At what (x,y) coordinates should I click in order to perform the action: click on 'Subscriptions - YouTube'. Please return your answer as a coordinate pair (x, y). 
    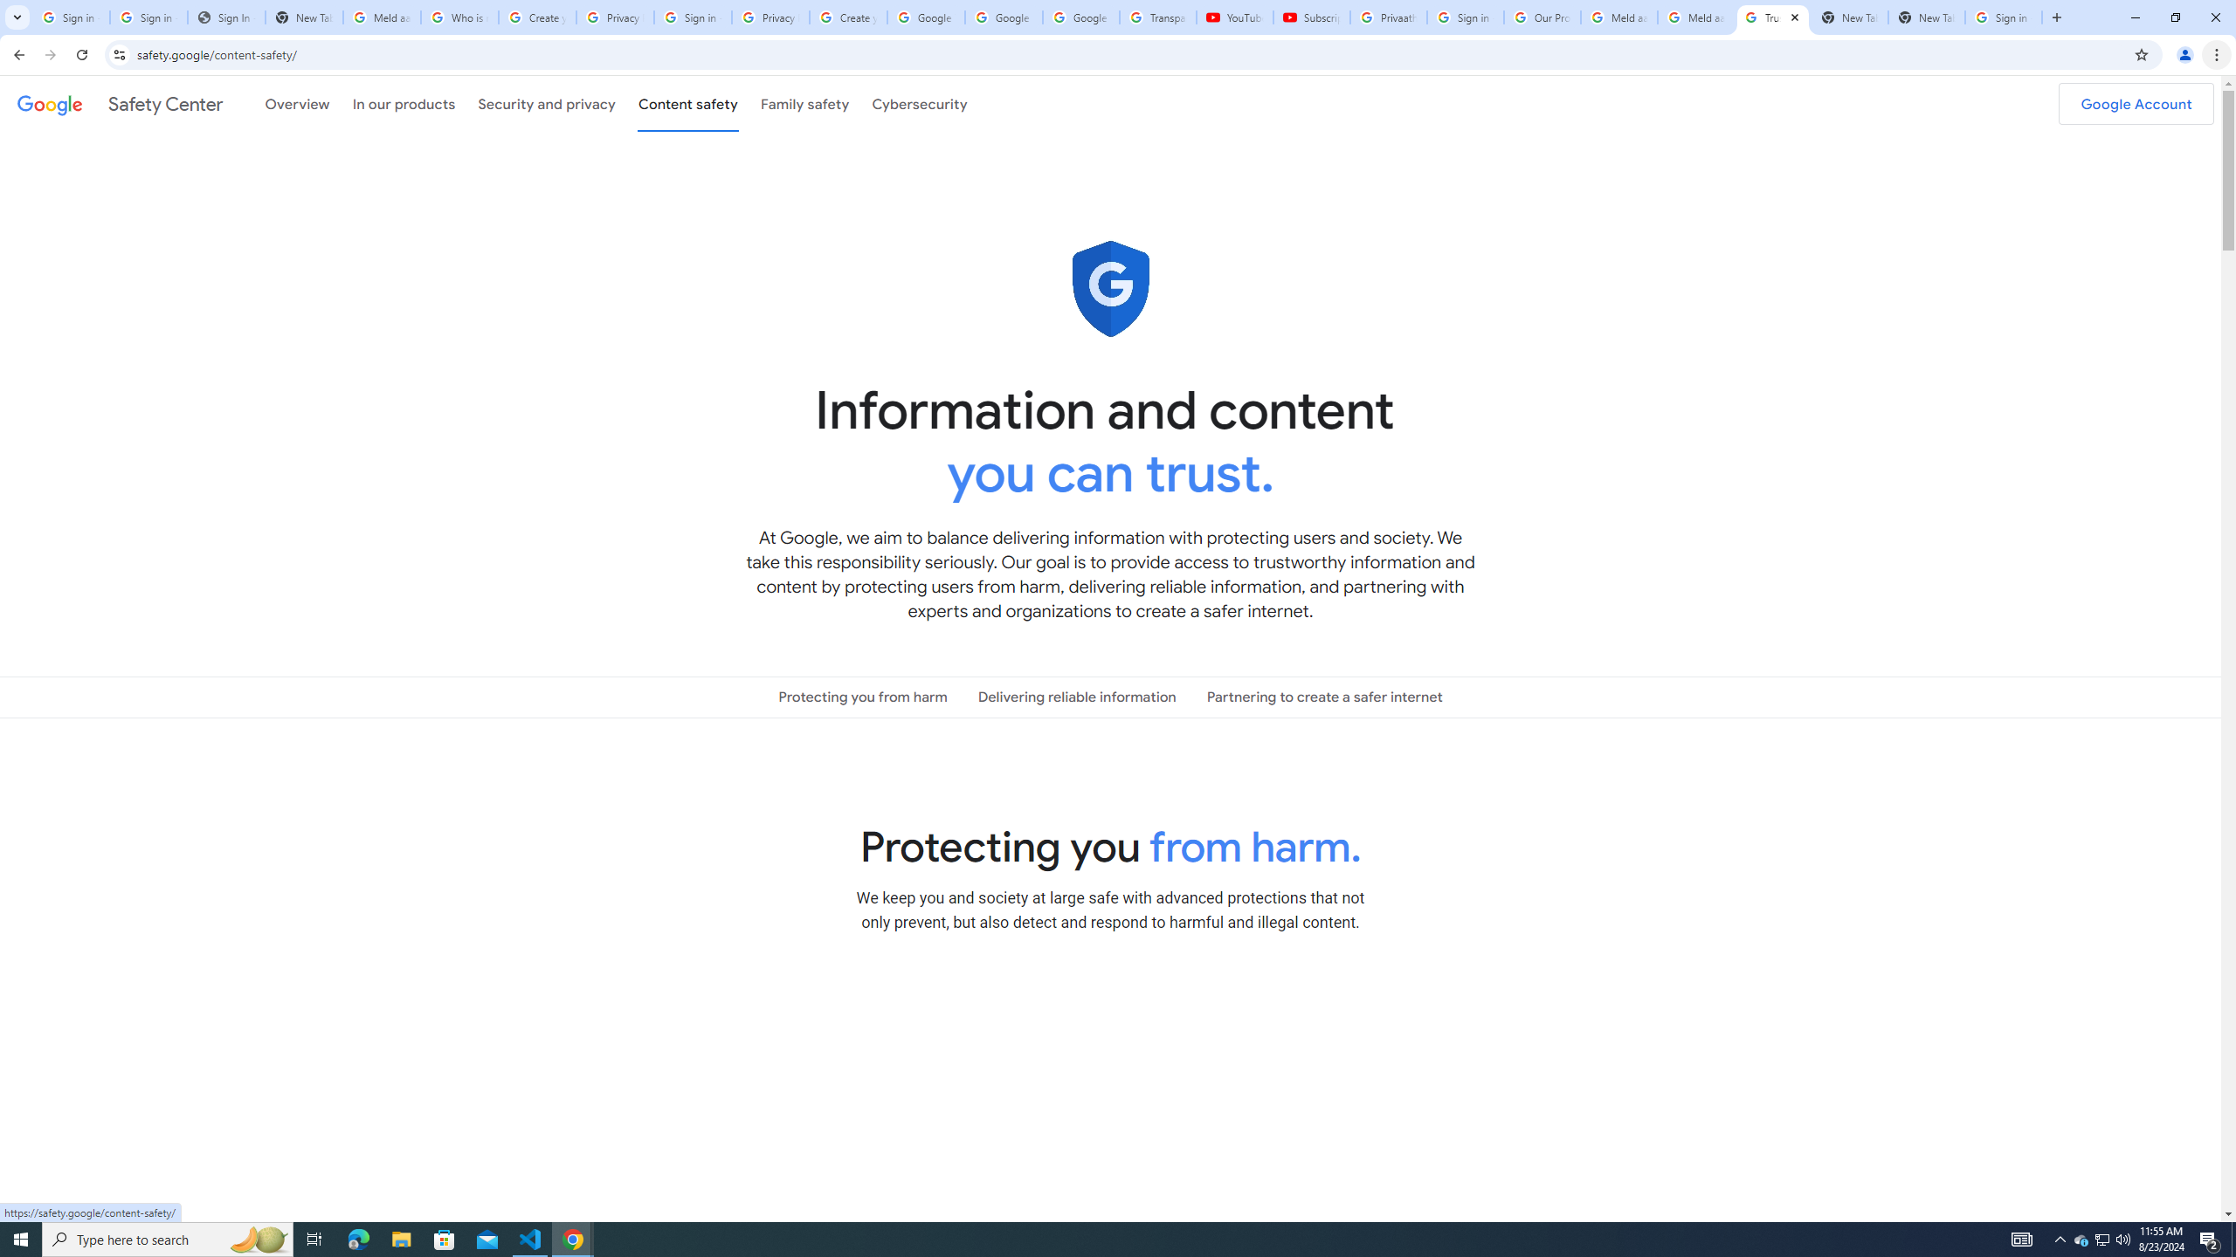
    Looking at the image, I should click on (1310, 17).